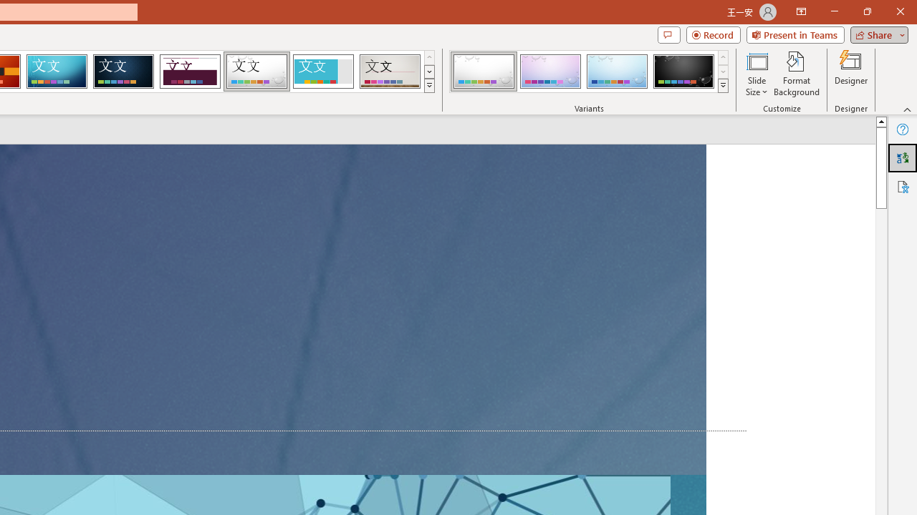 Image resolution: width=917 pixels, height=515 pixels. I want to click on 'Damask', so click(123, 72).